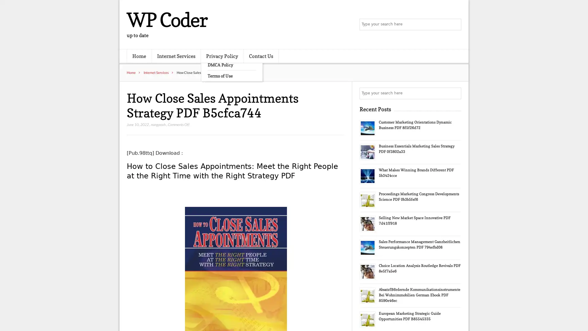  I want to click on Search, so click(455, 93).